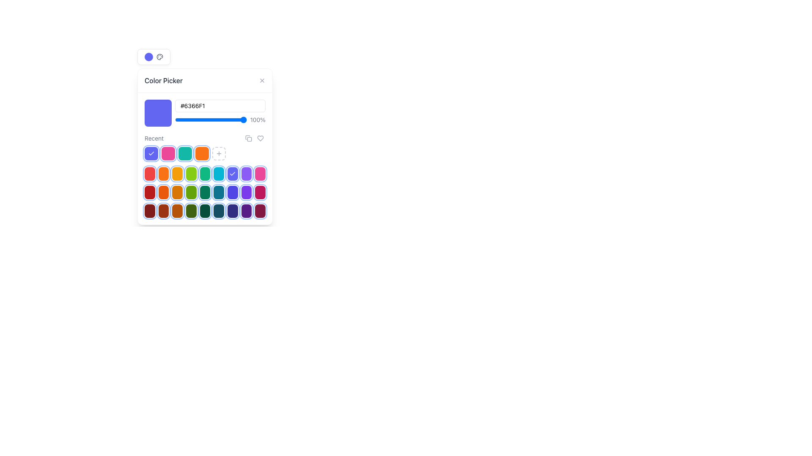 This screenshot has width=812, height=456. Describe the element at coordinates (260, 138) in the screenshot. I see `the favorite icon located on the right side of the rectangular button in the top section of the color picker interface to favorite the item` at that location.